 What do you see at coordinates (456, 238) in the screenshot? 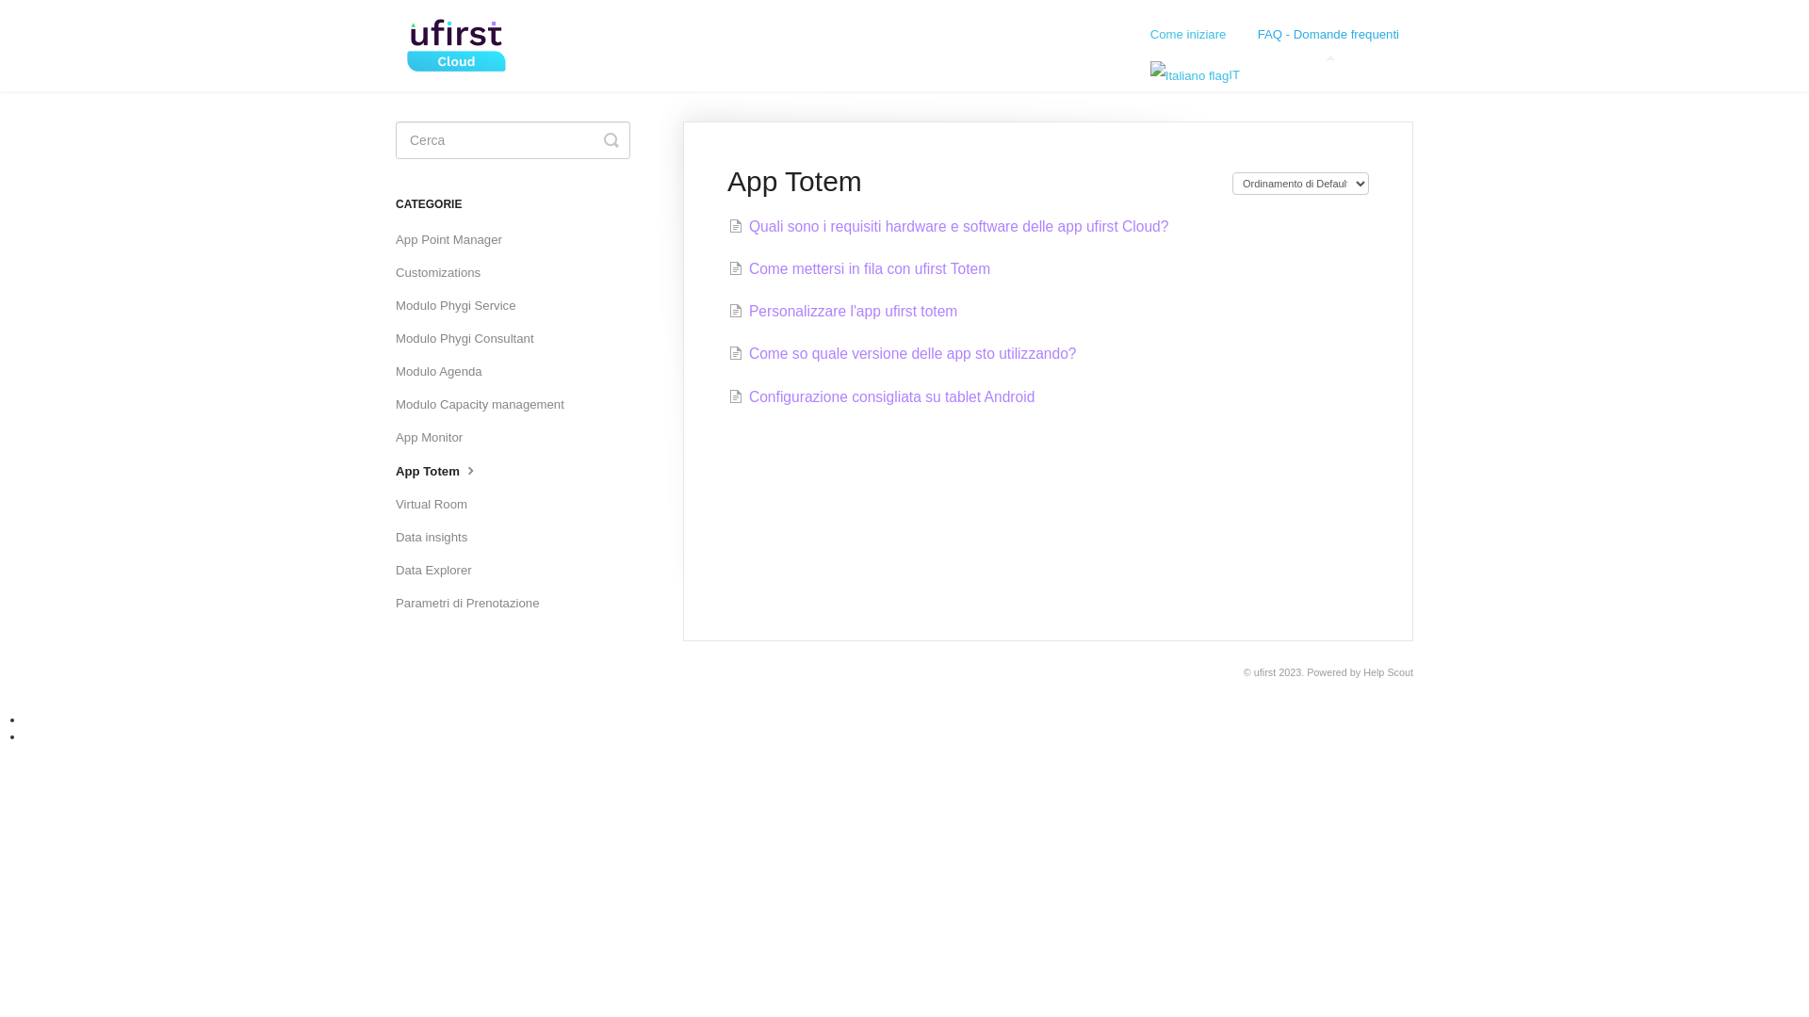
I see `'App Point Manager'` at bounding box center [456, 238].